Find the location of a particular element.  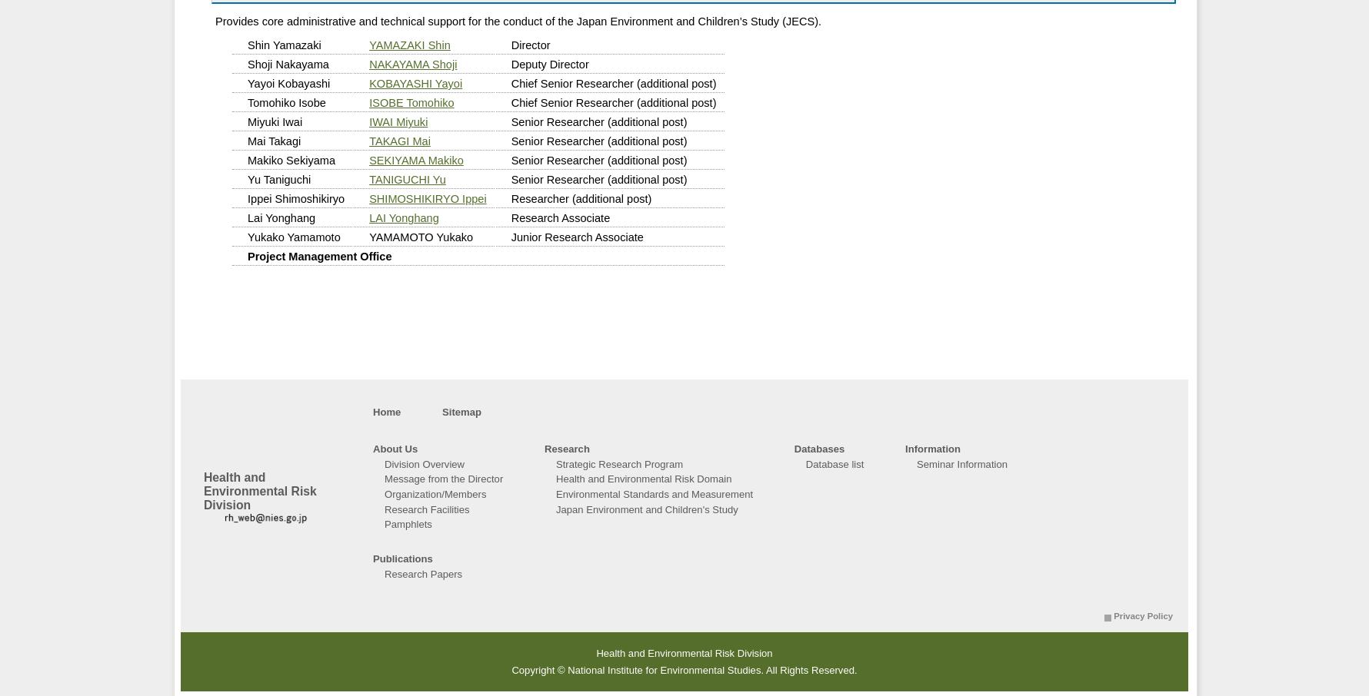

'Home' is located at coordinates (387, 412).